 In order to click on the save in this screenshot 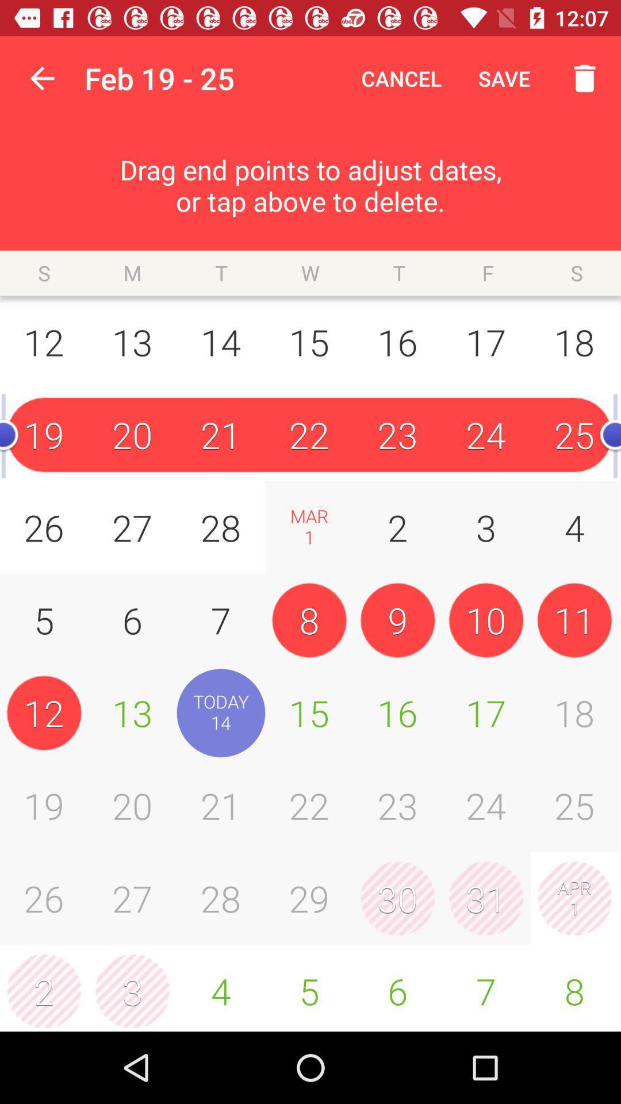, I will do `click(504, 78)`.